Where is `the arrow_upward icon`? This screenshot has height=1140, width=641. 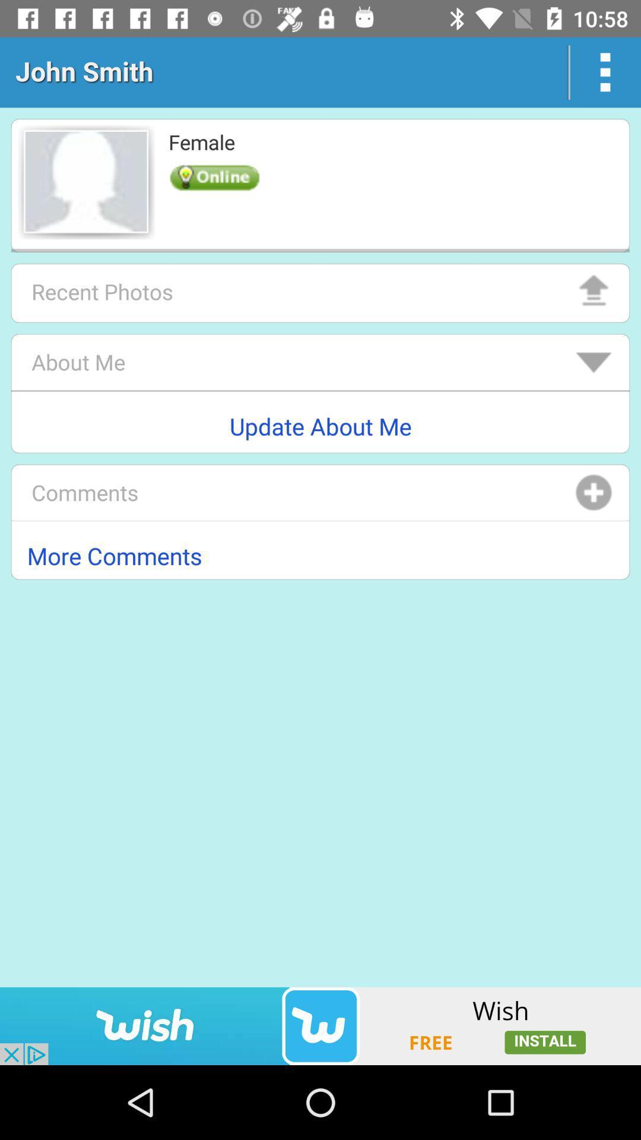
the arrow_upward icon is located at coordinates (594, 292).